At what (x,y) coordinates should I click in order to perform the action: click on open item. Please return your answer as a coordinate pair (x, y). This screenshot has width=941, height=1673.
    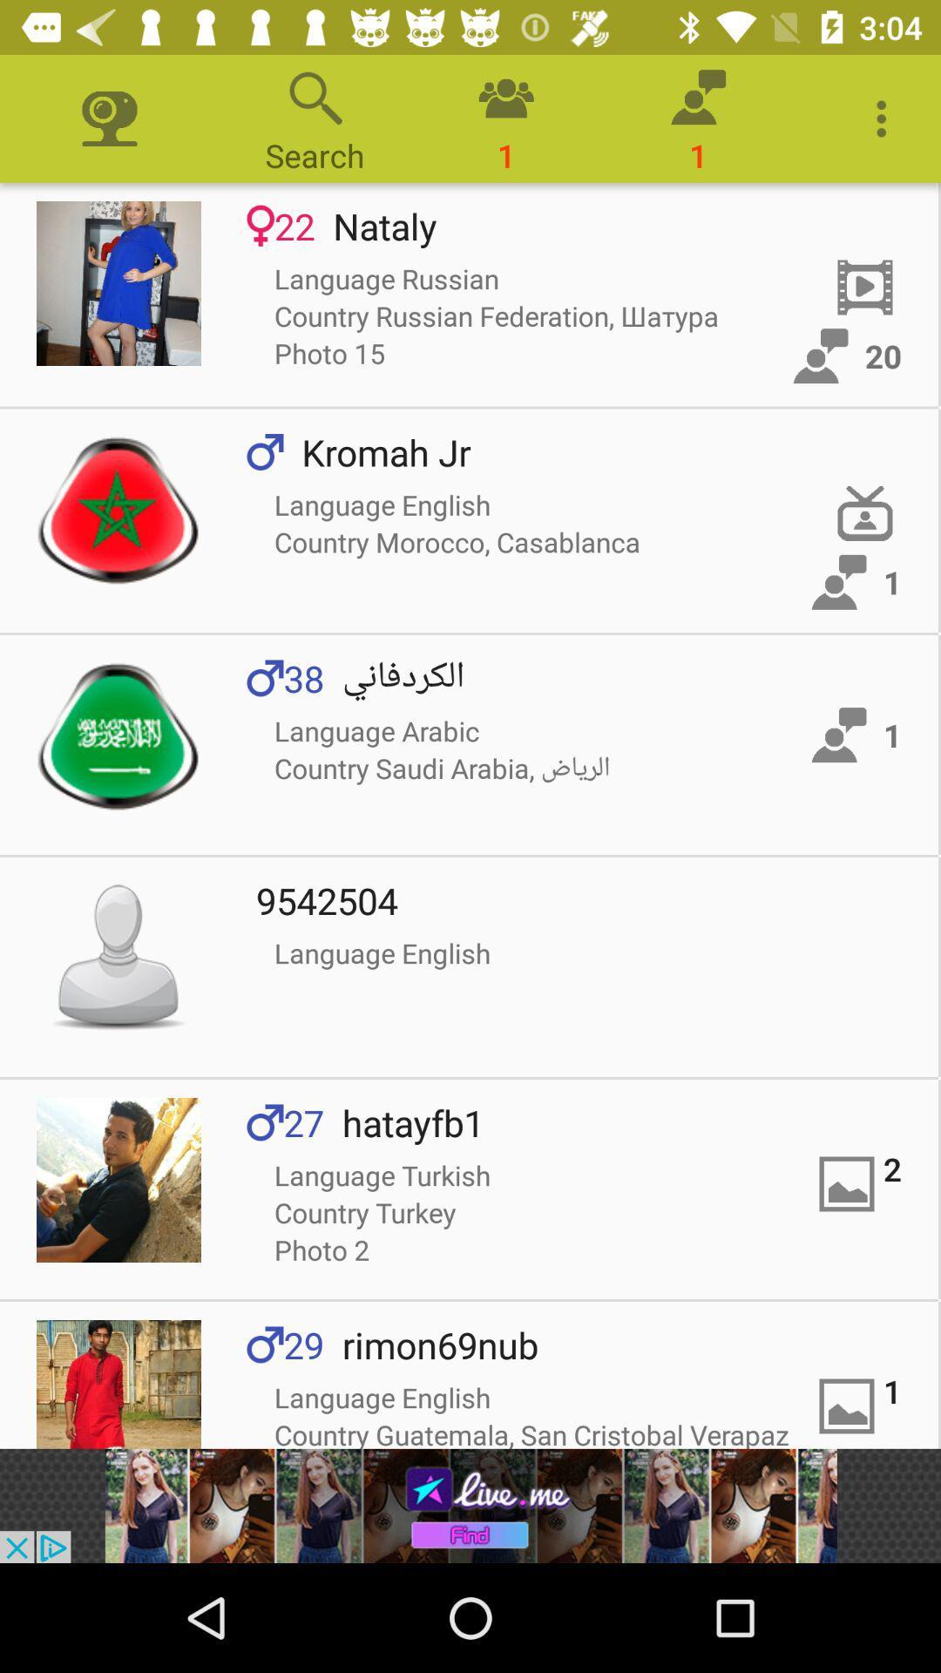
    Looking at the image, I should click on (118, 509).